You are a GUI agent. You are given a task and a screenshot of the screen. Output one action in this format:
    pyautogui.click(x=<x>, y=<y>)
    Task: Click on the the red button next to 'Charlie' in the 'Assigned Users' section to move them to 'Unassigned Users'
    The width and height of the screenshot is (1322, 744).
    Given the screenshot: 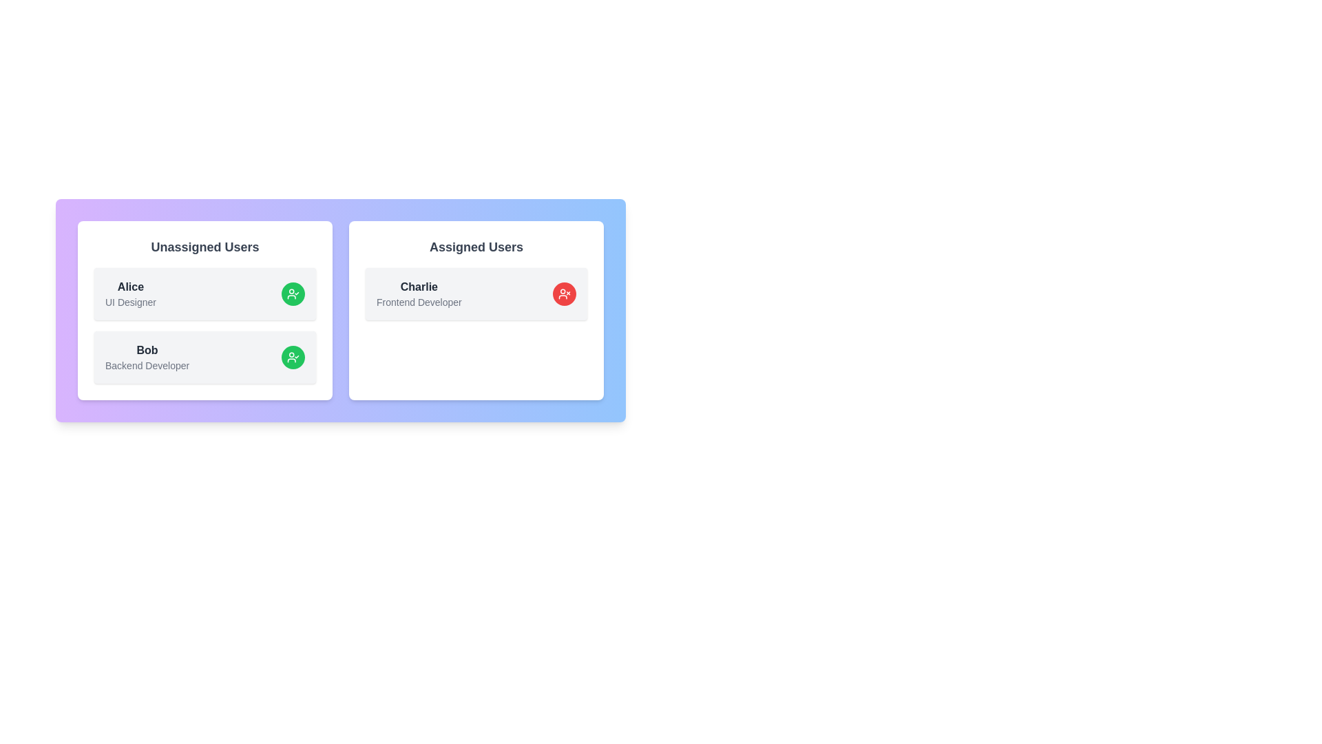 What is the action you would take?
    pyautogui.click(x=565, y=293)
    